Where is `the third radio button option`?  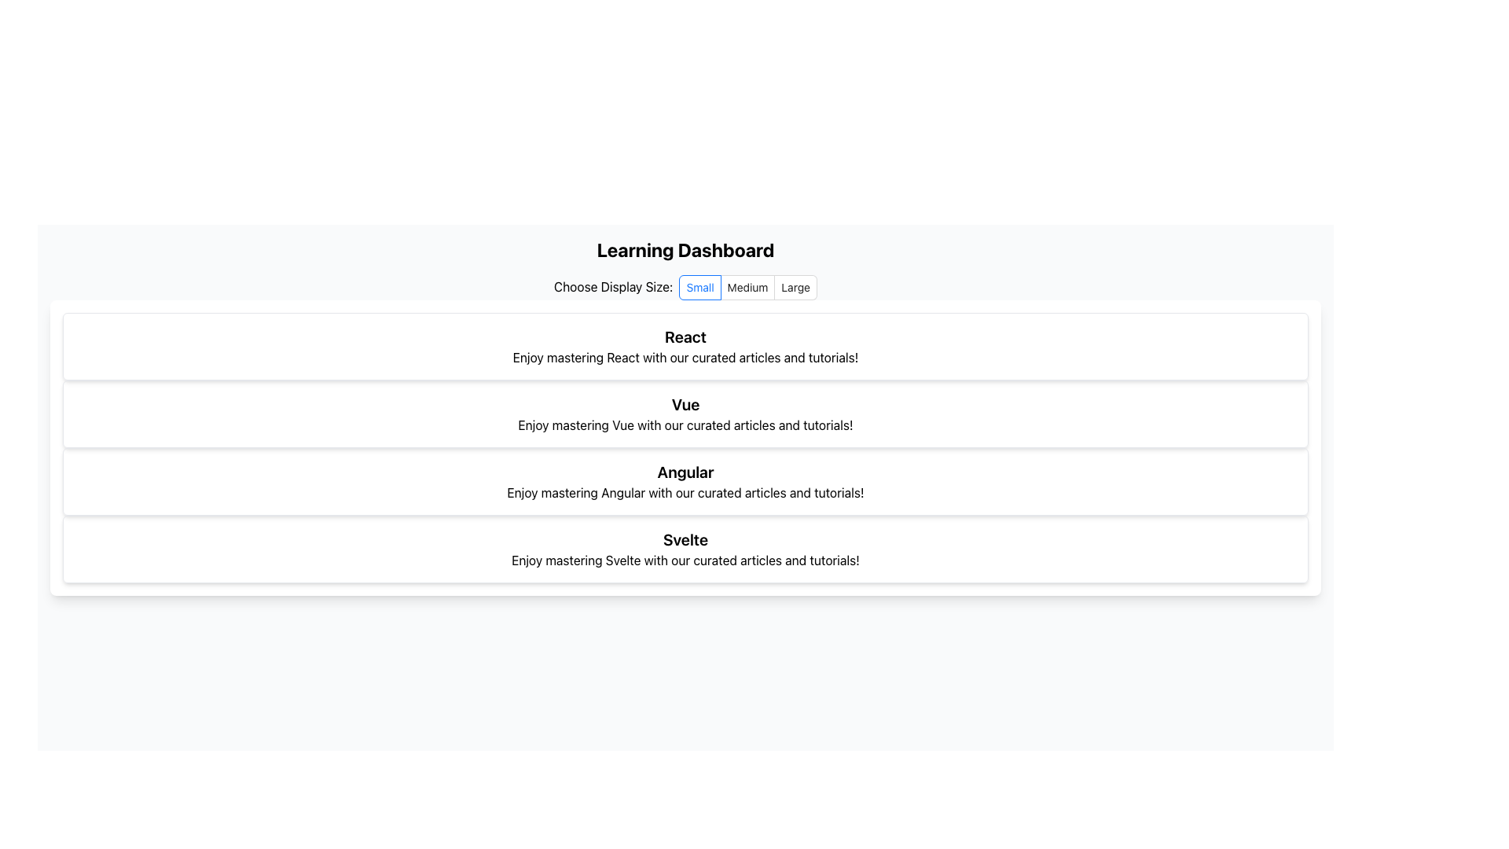
the third radio button option is located at coordinates (796, 288).